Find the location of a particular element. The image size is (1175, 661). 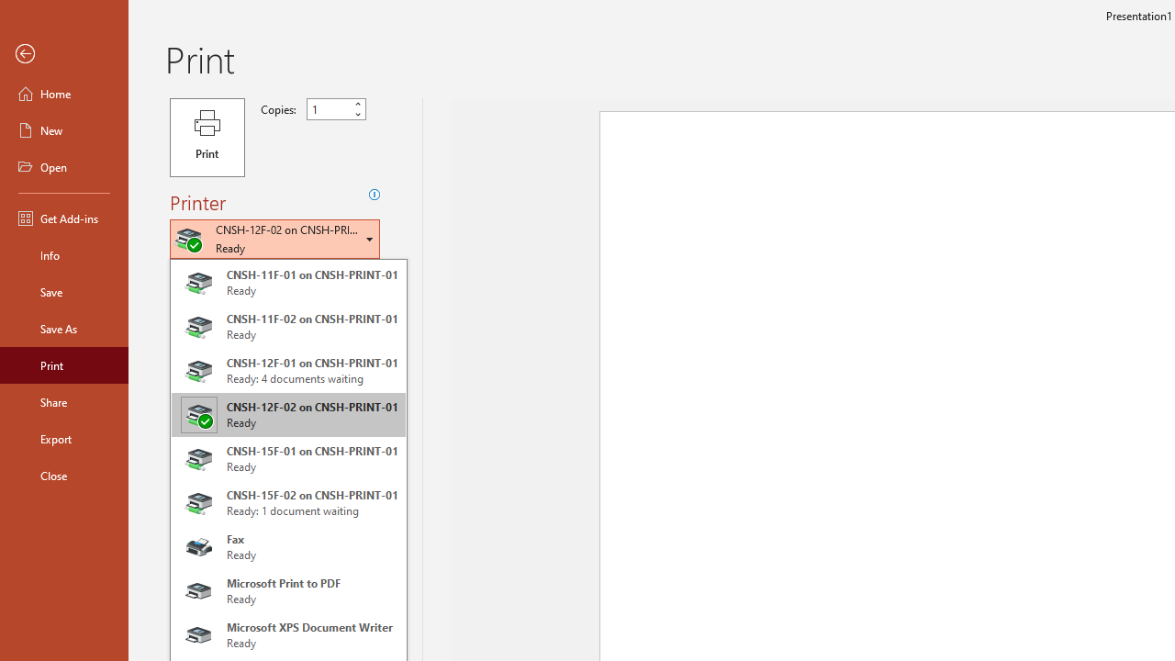

'Copies' is located at coordinates (336, 109).